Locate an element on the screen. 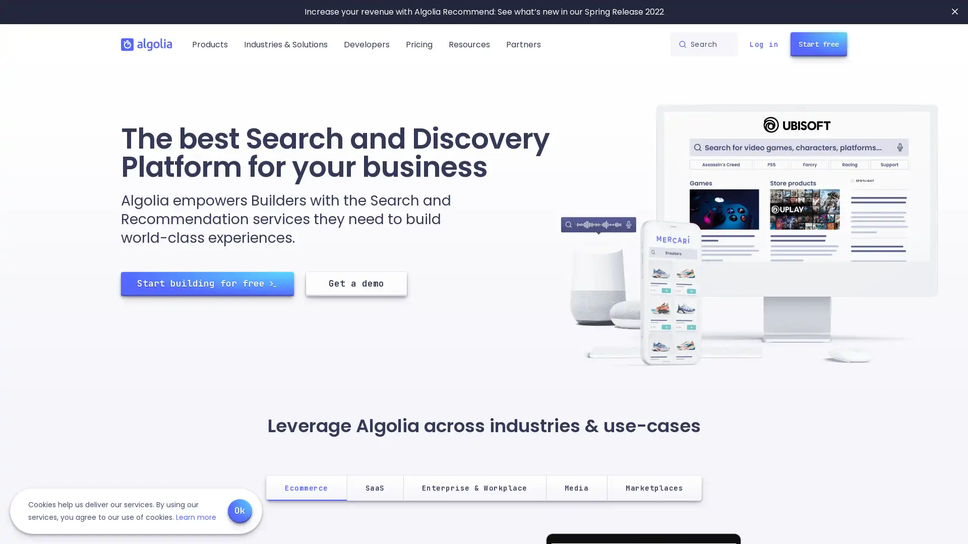 This screenshot has height=544, width=968. Enterprise & Workplace is located at coordinates (473, 487).